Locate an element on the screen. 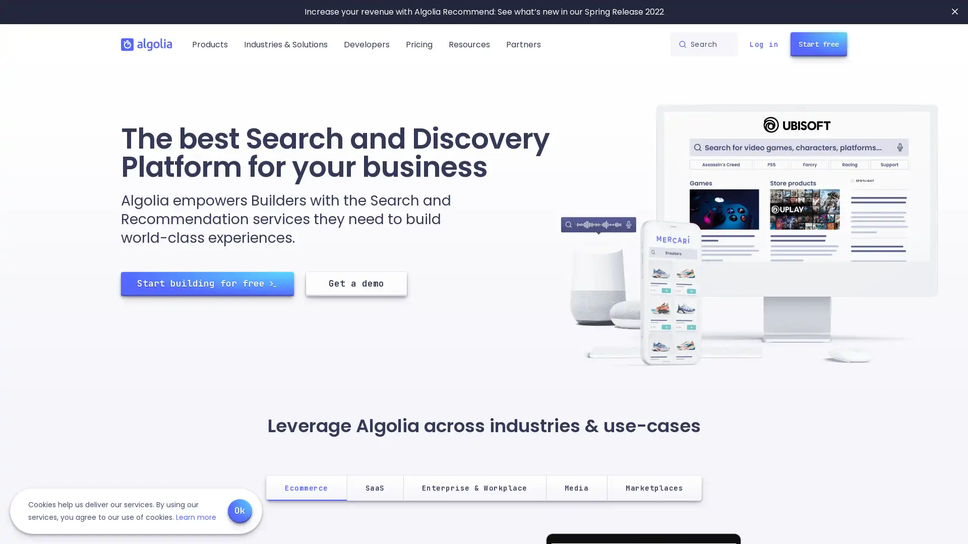 This screenshot has height=544, width=968. Enterprise & Workplace is located at coordinates (473, 487).